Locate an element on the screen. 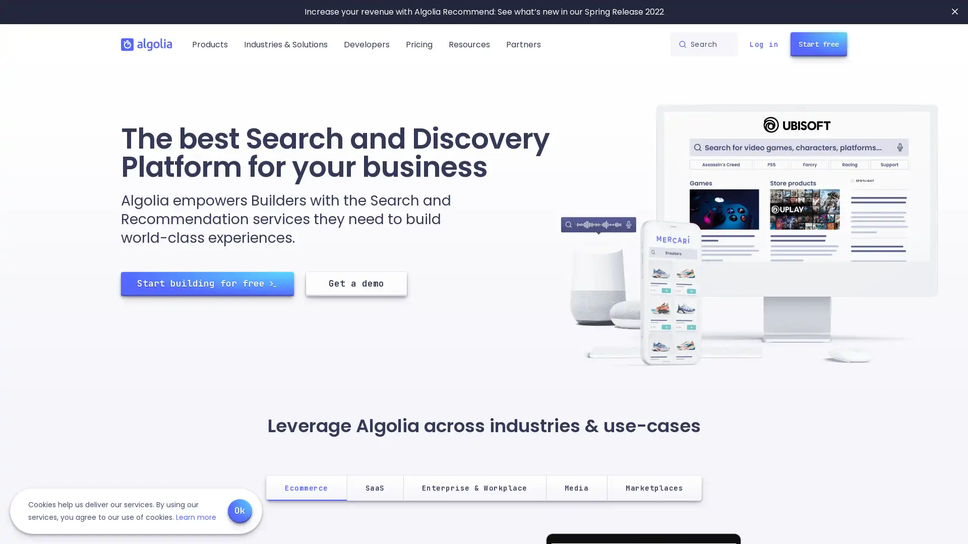 This screenshot has height=544, width=968. Enterprise & Workplace is located at coordinates (473, 487).